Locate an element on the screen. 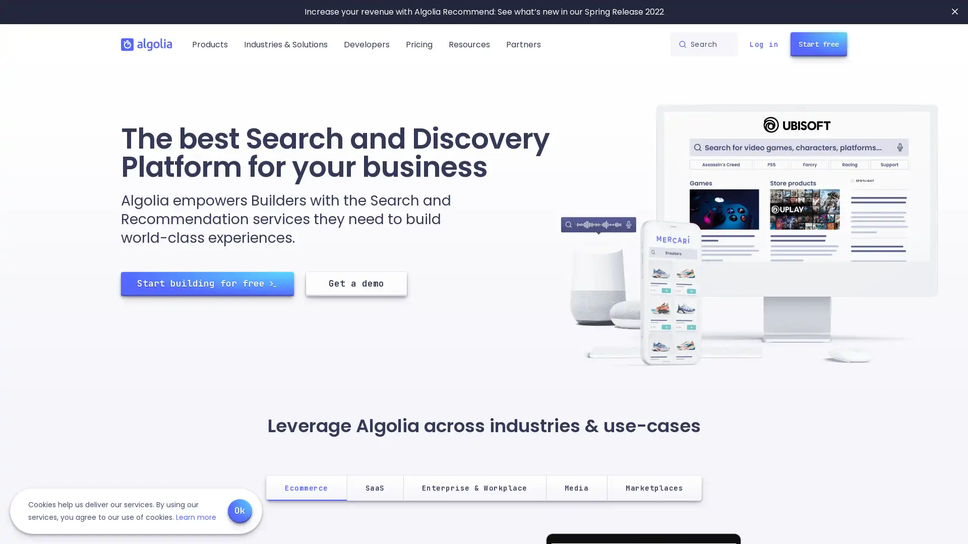 This screenshot has height=544, width=968. Enterprise & Workplace is located at coordinates (473, 487).